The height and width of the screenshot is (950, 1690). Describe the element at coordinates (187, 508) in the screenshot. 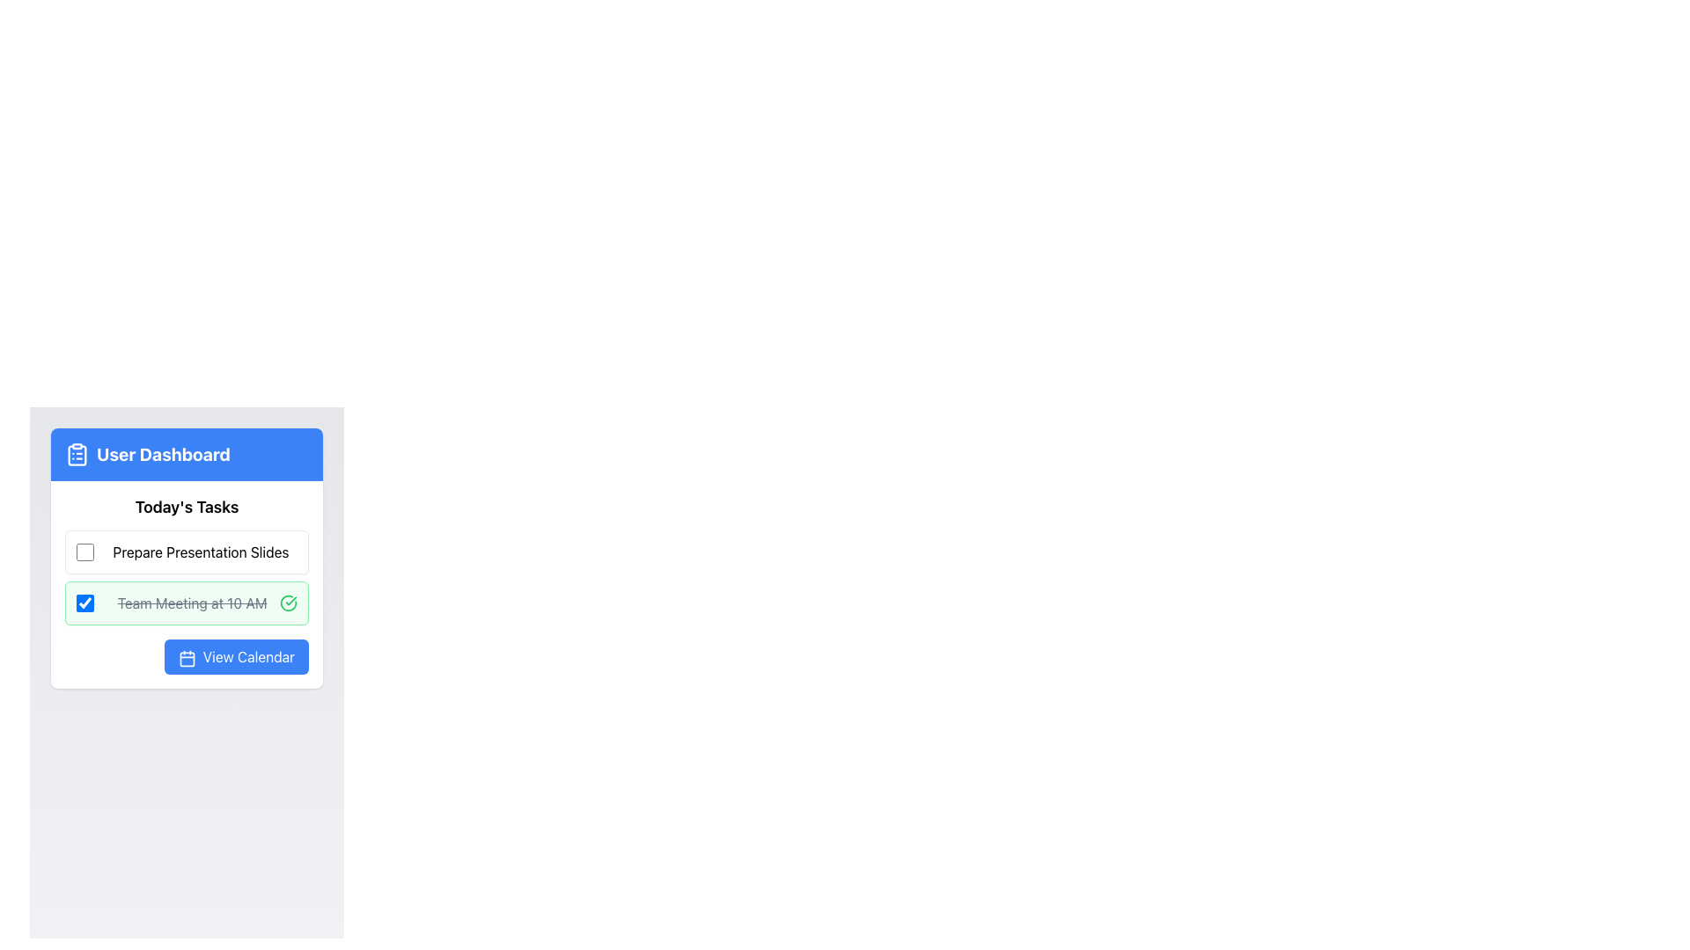

I see `the Static Text Display that prominently shows 'Today's Tasks' located under the 'User Dashboard' header` at that location.